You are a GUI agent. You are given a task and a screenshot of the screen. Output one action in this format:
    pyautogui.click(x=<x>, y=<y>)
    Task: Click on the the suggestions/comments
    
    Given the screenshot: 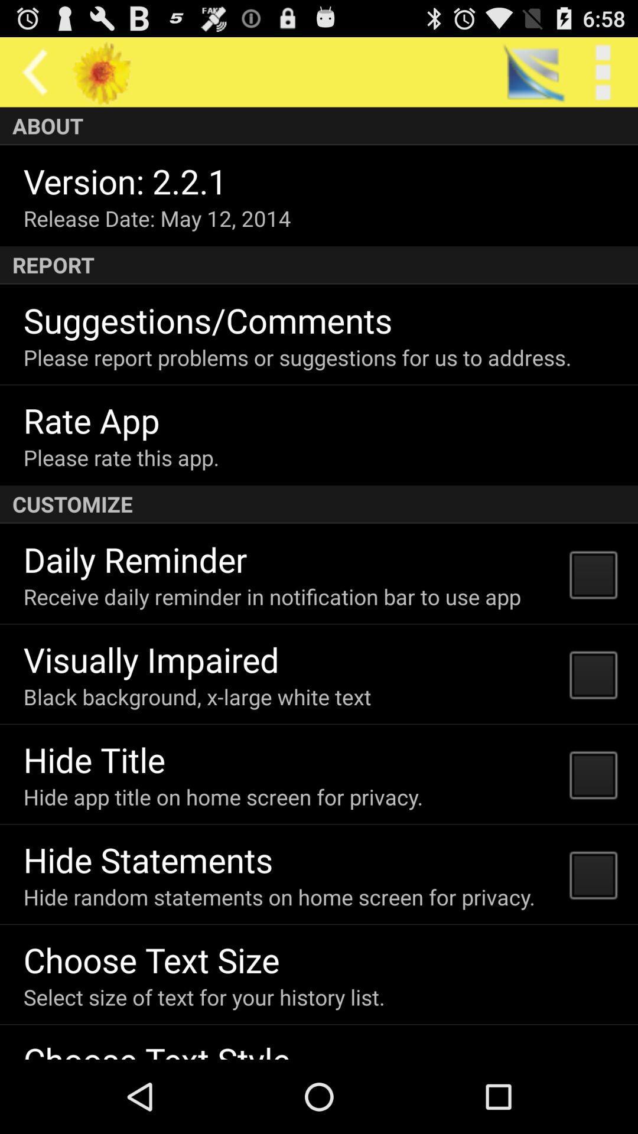 What is the action you would take?
    pyautogui.click(x=207, y=320)
    